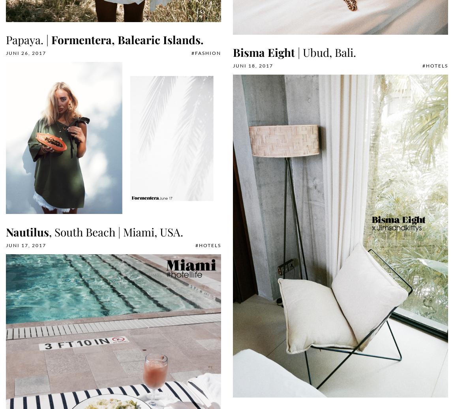 This screenshot has width=454, height=409. Describe the element at coordinates (27, 232) in the screenshot. I see `'Nautilus'` at that location.